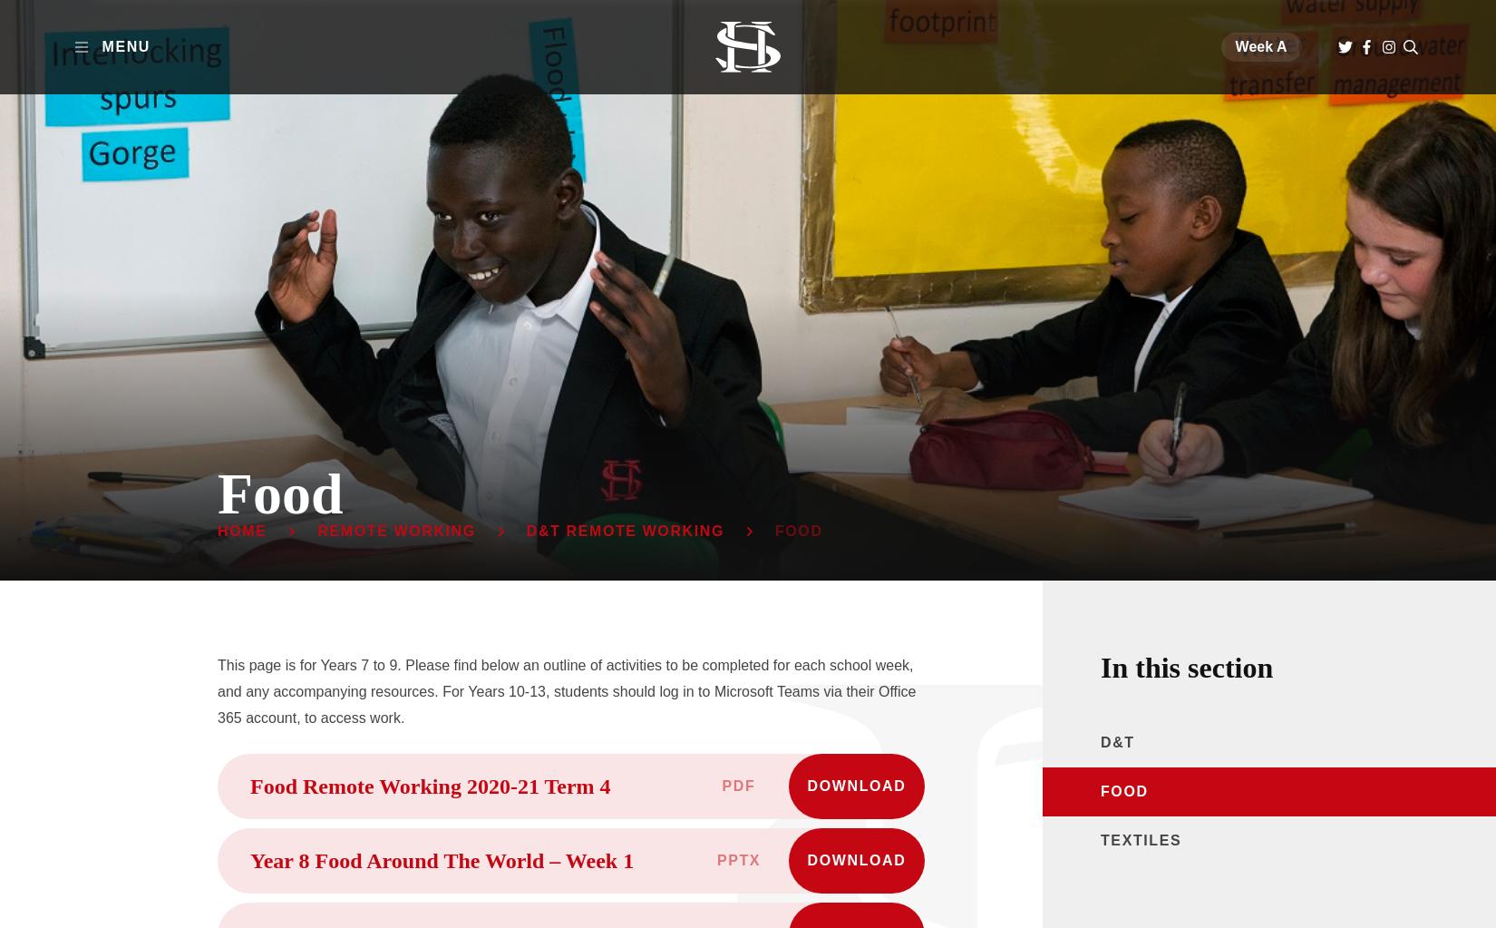 This screenshot has width=1496, height=928. Describe the element at coordinates (772, 213) in the screenshot. I see `'Support & Guidance'` at that location.